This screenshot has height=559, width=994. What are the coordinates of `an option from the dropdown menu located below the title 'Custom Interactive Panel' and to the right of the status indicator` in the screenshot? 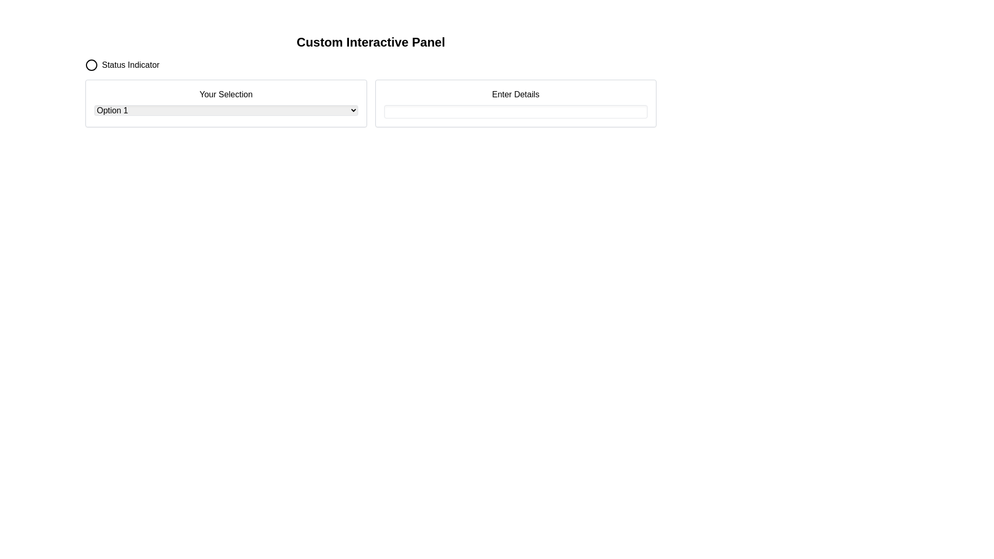 It's located at (225, 104).